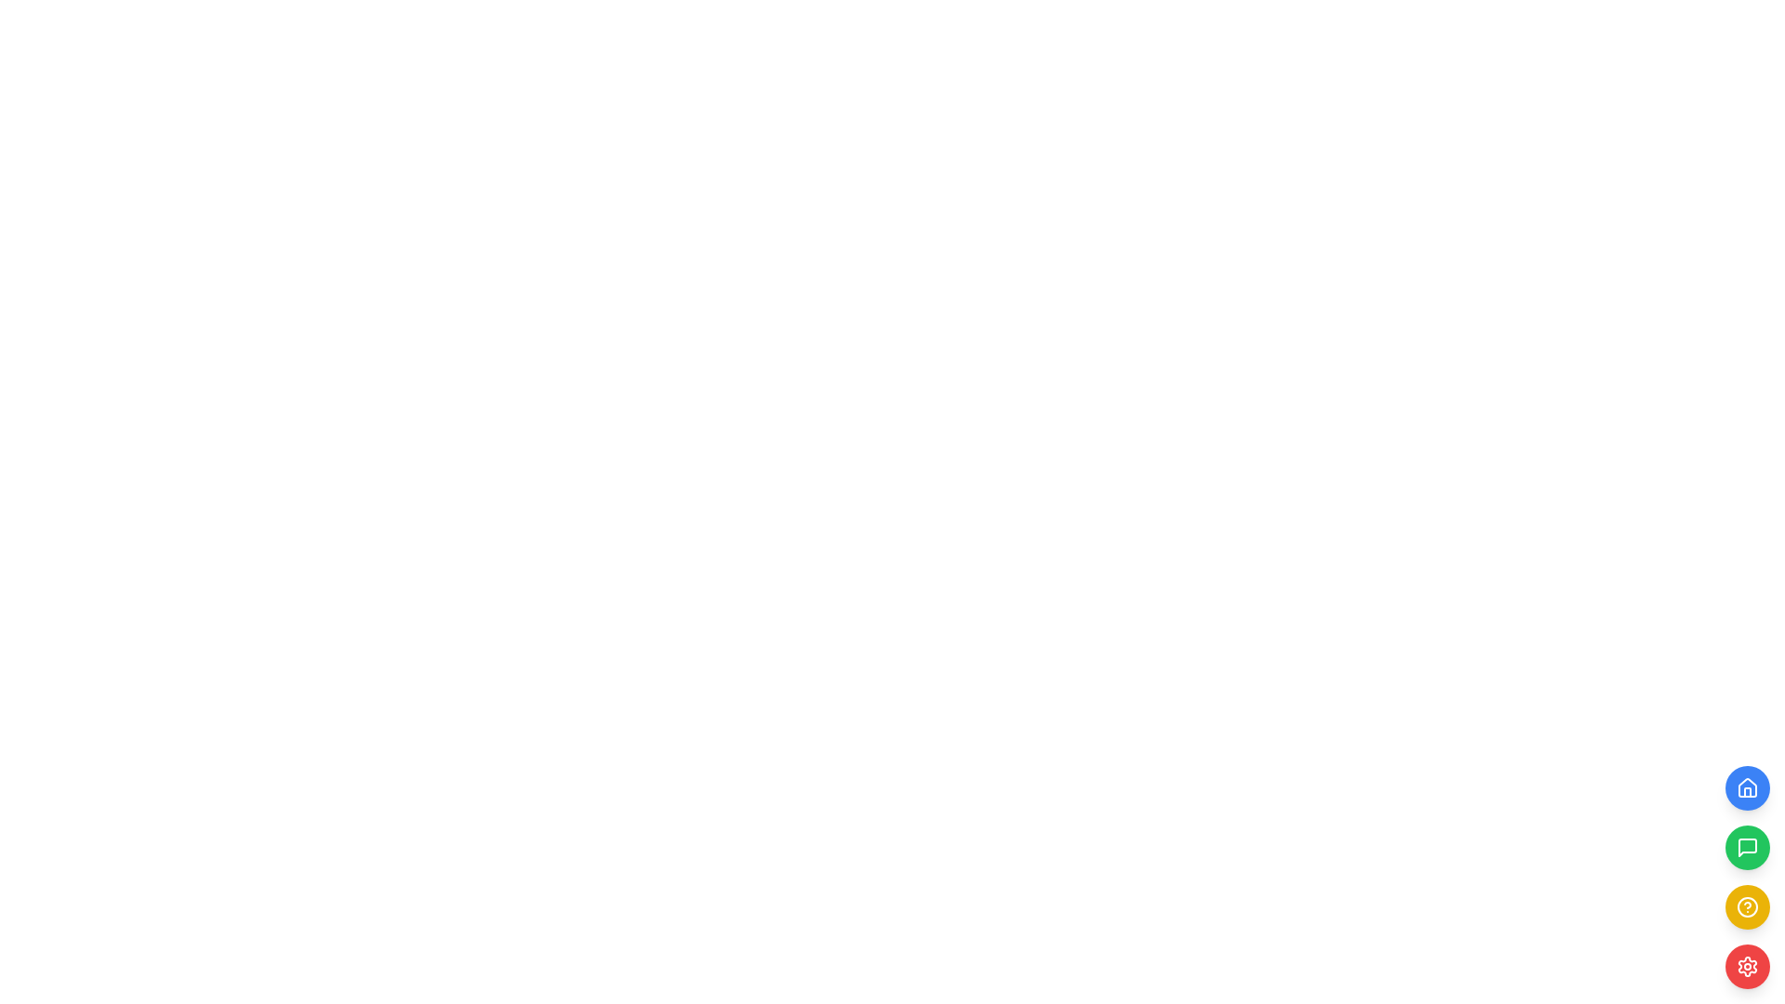  Describe the element at coordinates (1747, 847) in the screenshot. I see `the second circular icon button in a vertical row, located below the blue home button and above the yellow question button` at that location.